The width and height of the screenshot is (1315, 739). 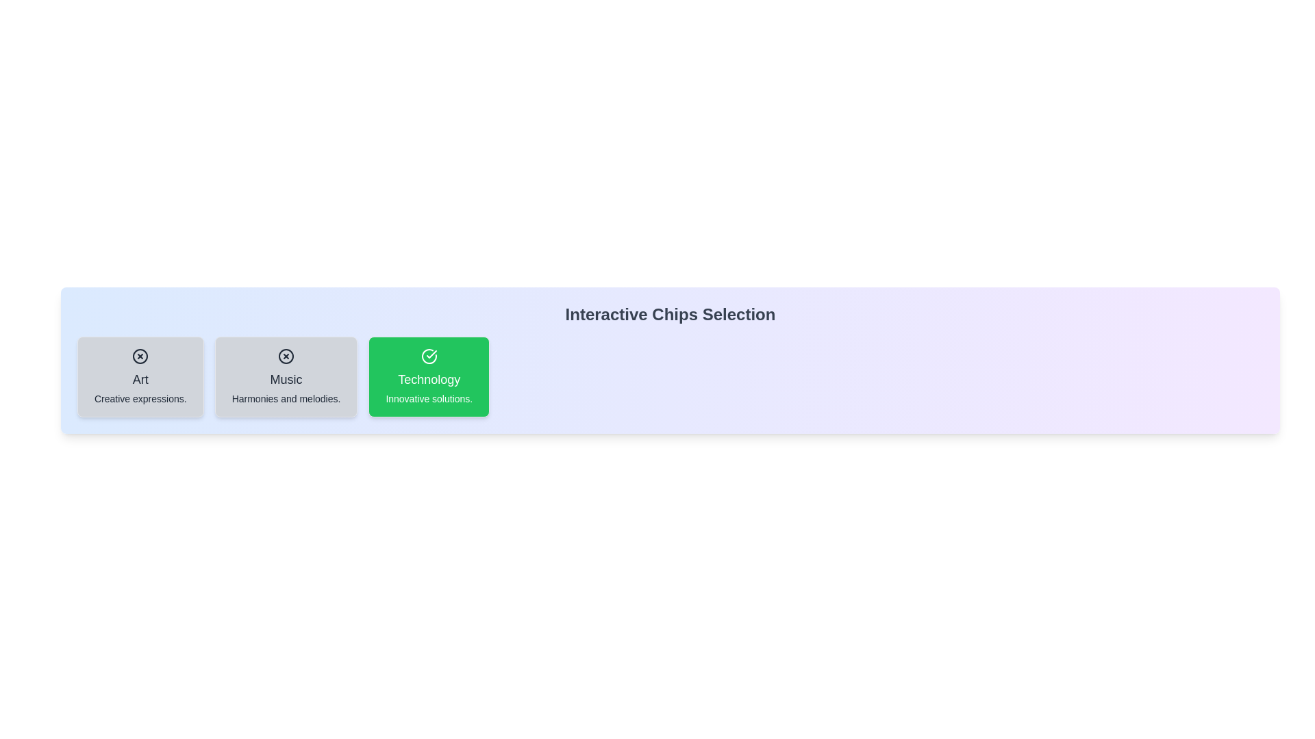 What do you see at coordinates (140, 355) in the screenshot?
I see `the icon of the chip labeled 'Art' to toggle its selection state` at bounding box center [140, 355].